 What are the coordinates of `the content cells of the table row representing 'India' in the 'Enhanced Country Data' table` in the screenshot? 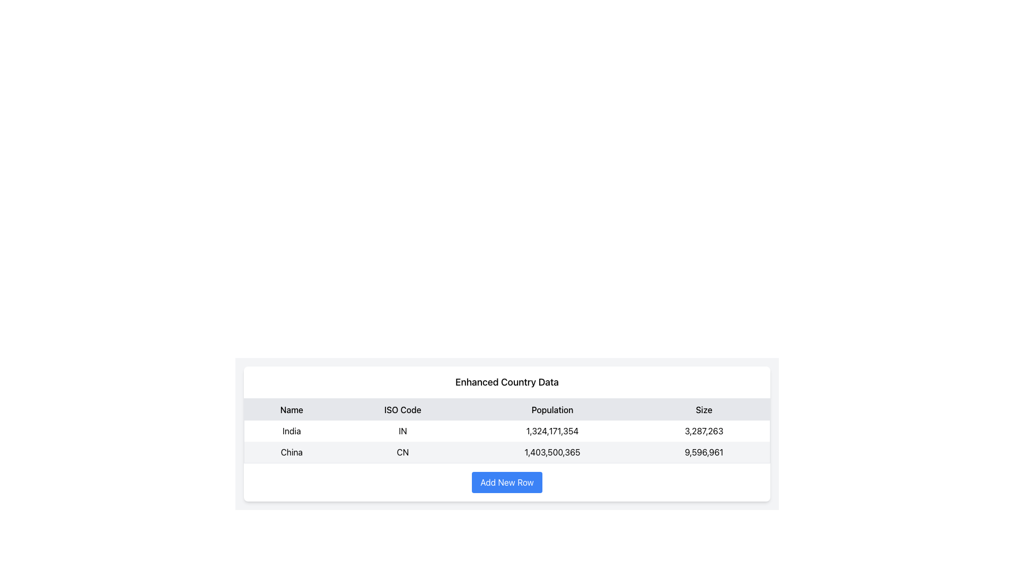 It's located at (506, 431).